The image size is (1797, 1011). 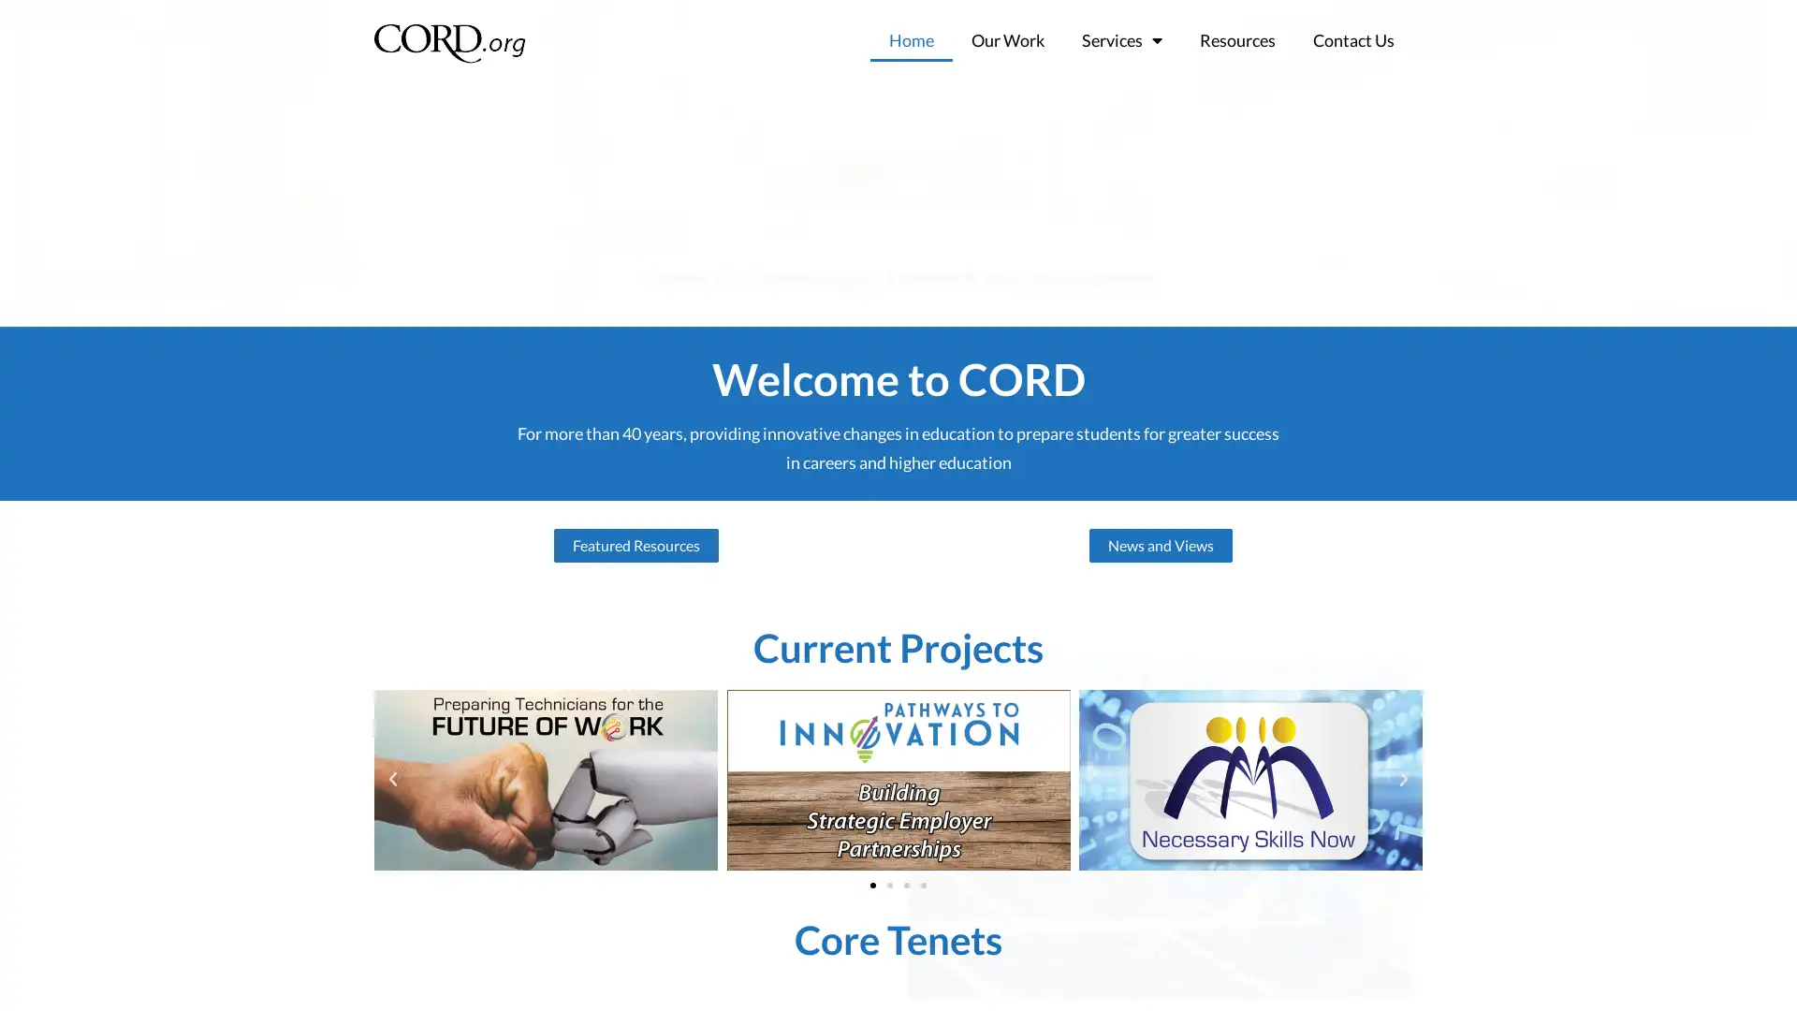 I want to click on Go to slide 3, so click(x=907, y=885).